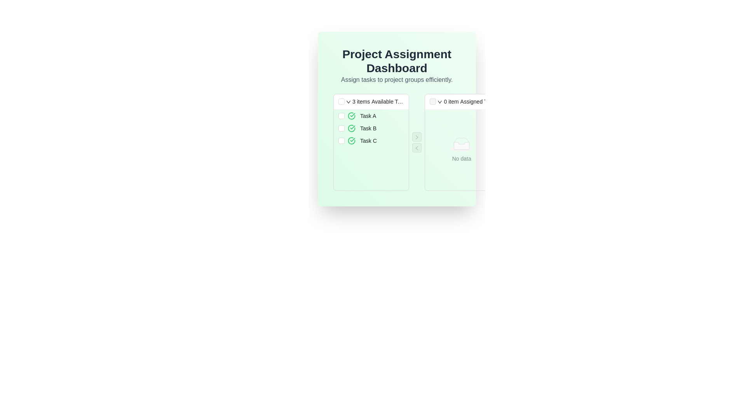 This screenshot has height=419, width=746. Describe the element at coordinates (351, 116) in the screenshot. I see `the informational icon indicating the successful completion of 'Task A', which is positioned to the left of the associated text in the layout` at that location.